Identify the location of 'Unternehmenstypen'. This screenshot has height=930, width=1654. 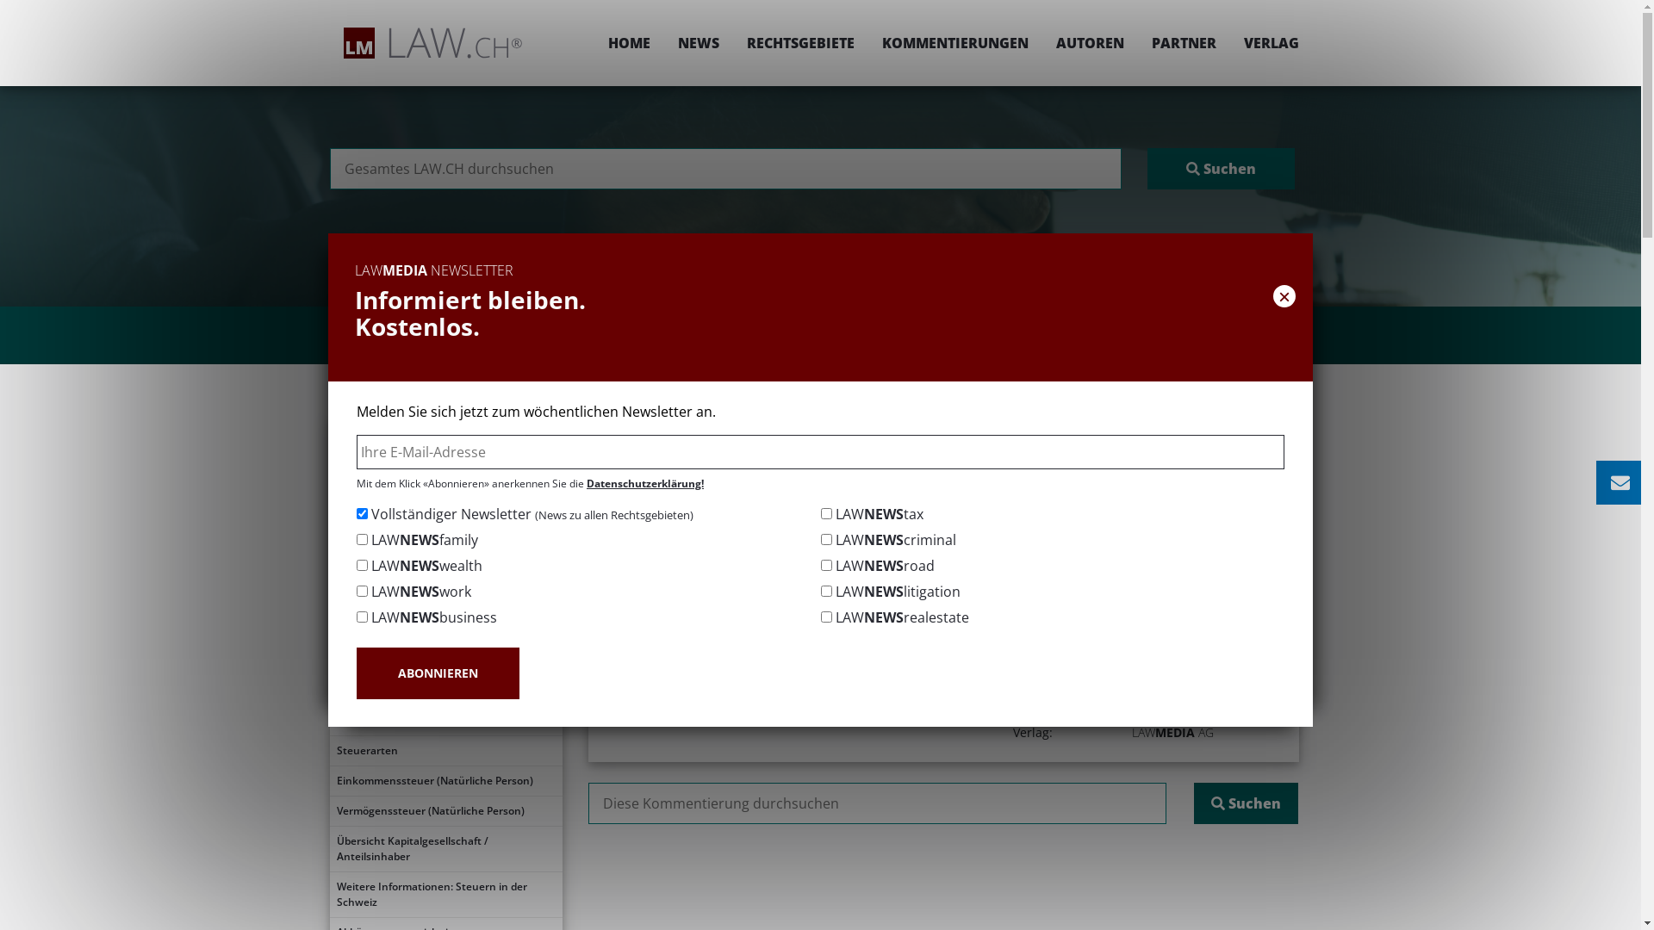
(445, 690).